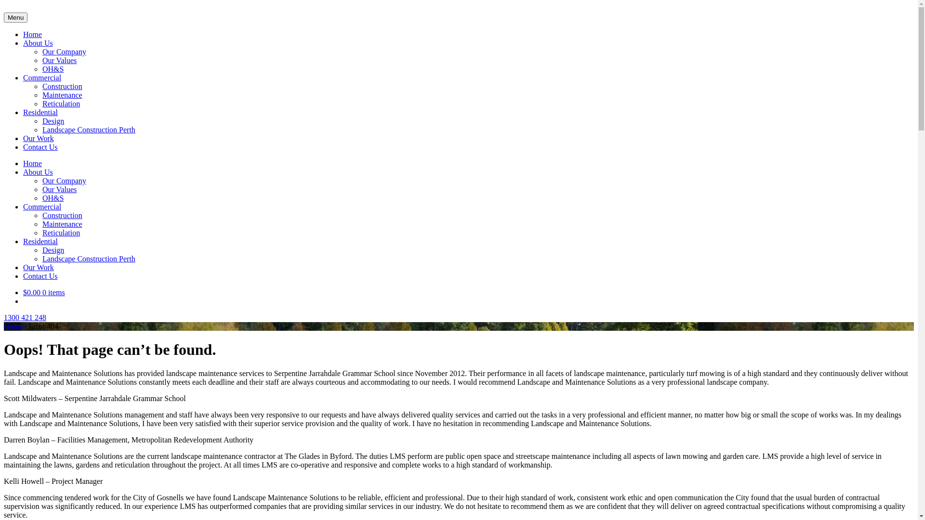 Image resolution: width=925 pixels, height=520 pixels. I want to click on 'Home', so click(32, 163).